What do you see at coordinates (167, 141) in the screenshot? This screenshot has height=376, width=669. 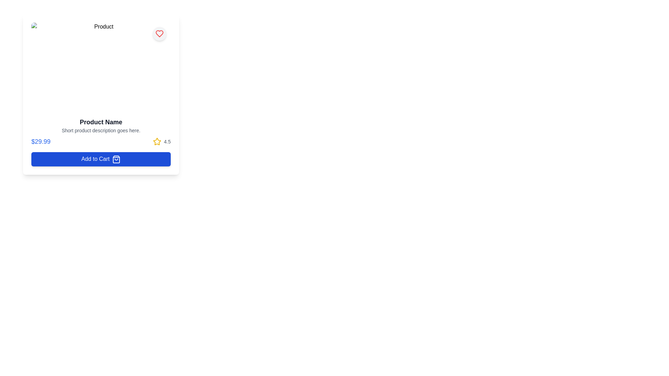 I see `numerical value displayed in the text label '4.5', located in the bottom right corner of the card layout next to a yellow star icon` at bounding box center [167, 141].